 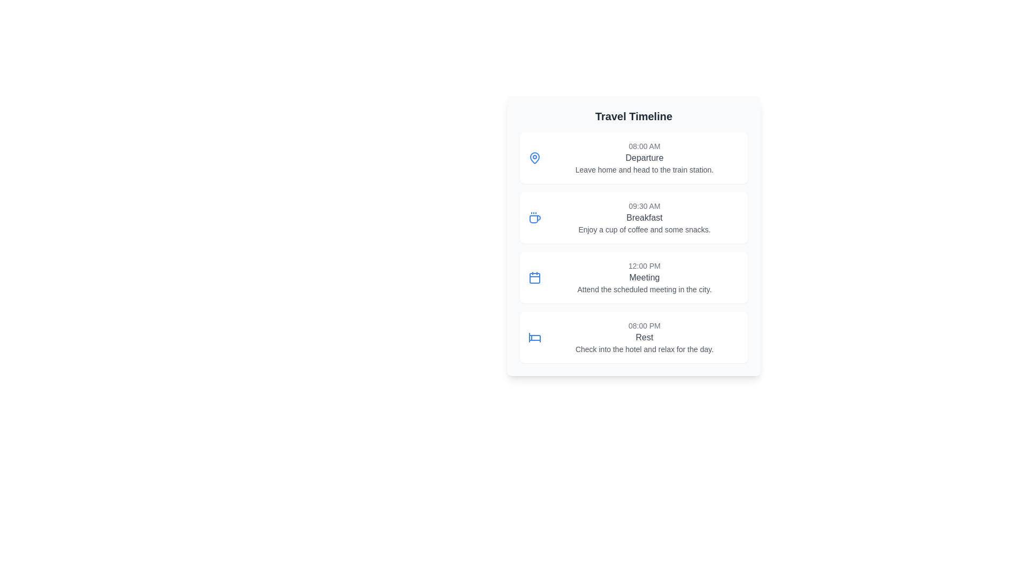 I want to click on the small, blue coffee cup icon with steam lines, located at the far left of the '09:30 AM Breakfast' timeline card, so click(x=534, y=217).